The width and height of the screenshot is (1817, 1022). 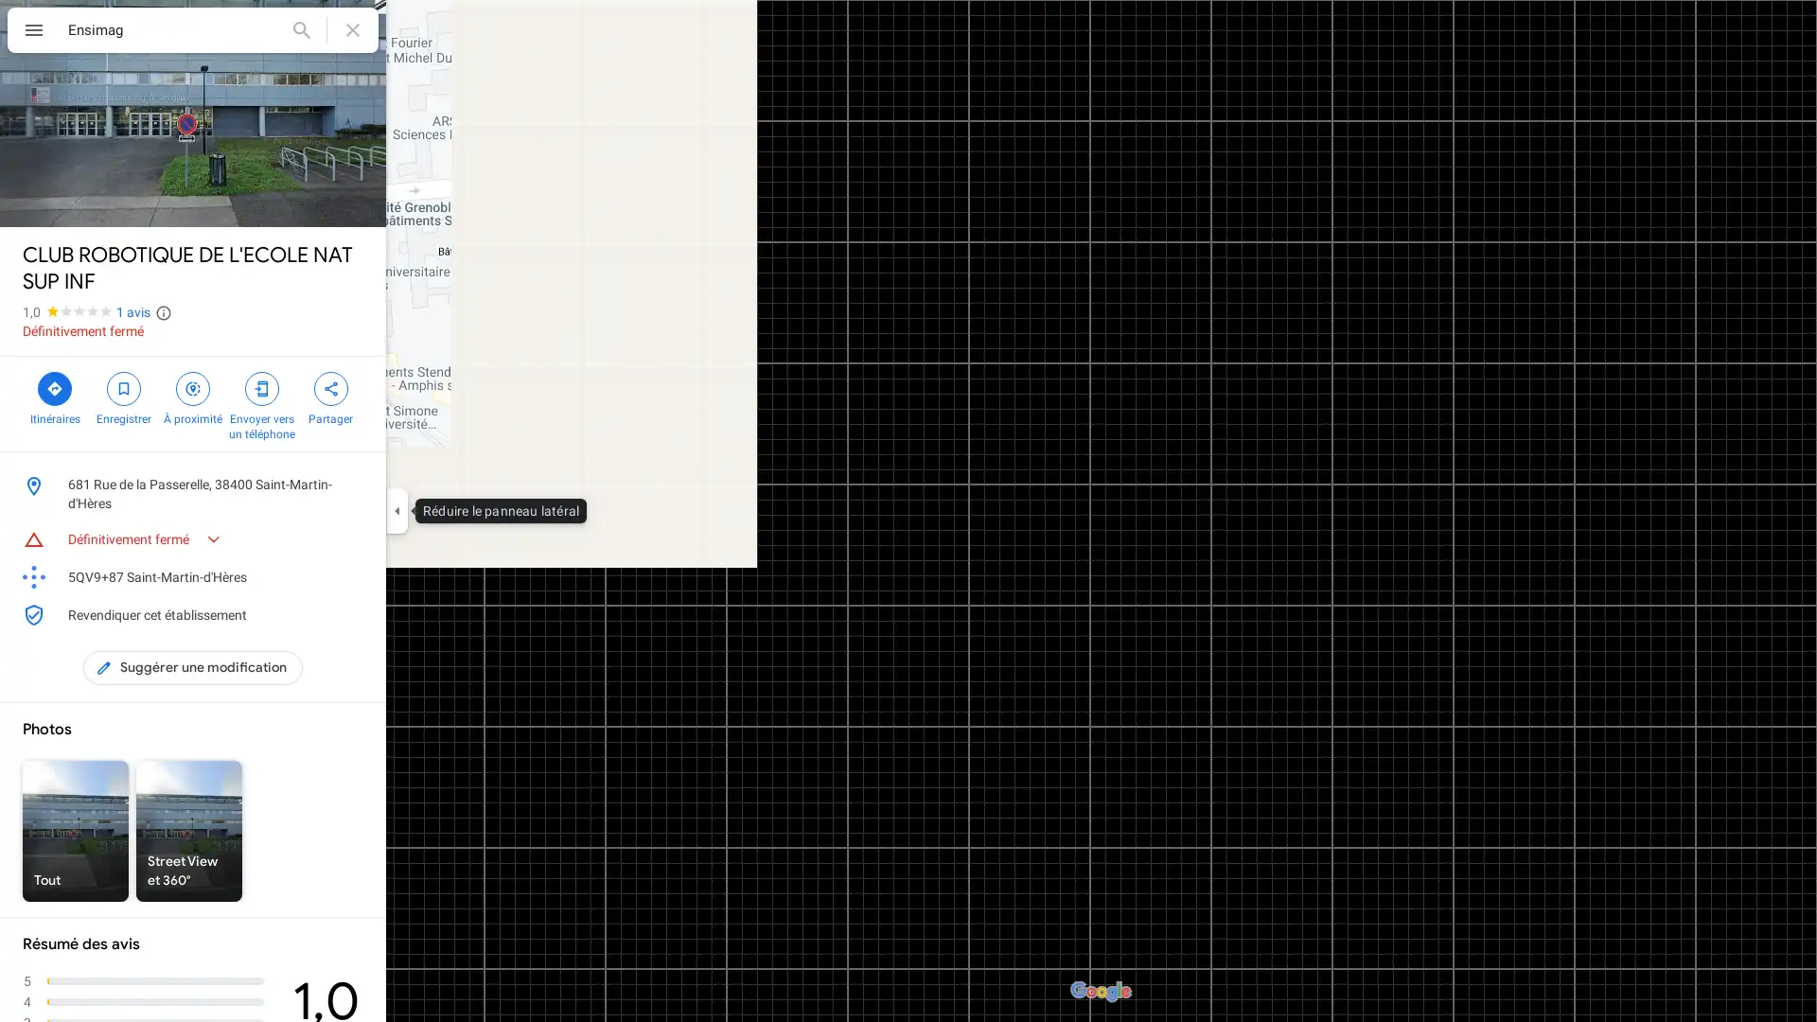 I want to click on 1 avis, so click(x=132, y=311).